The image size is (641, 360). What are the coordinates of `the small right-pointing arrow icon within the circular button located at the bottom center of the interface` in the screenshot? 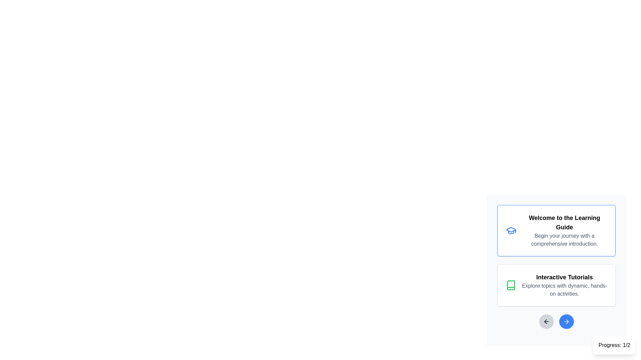 It's located at (567, 321).